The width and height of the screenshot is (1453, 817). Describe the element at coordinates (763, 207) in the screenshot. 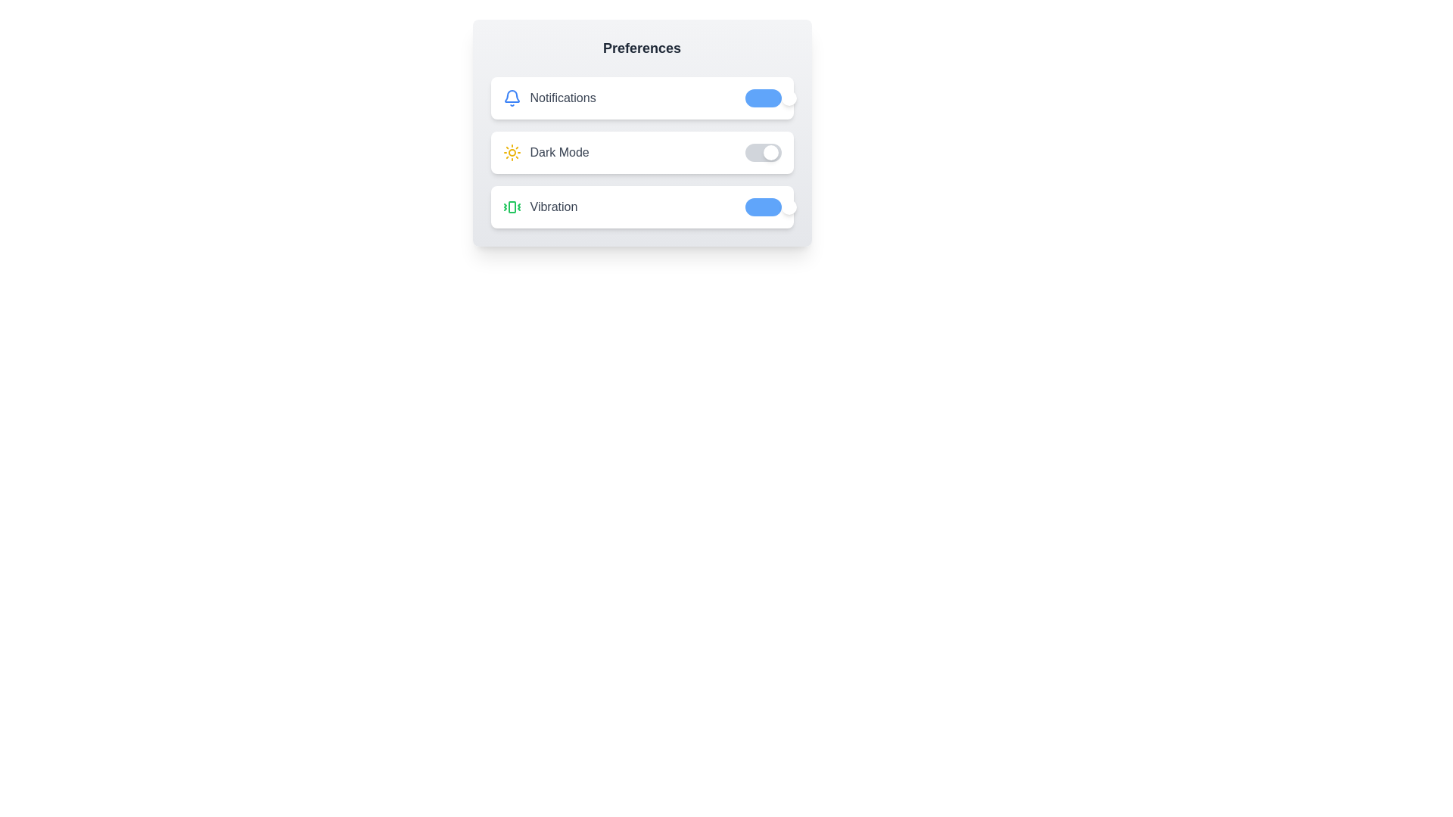

I see `the toggle switch for the vibration setting, which is the rightmost component in the 'Vibration' panel` at that location.